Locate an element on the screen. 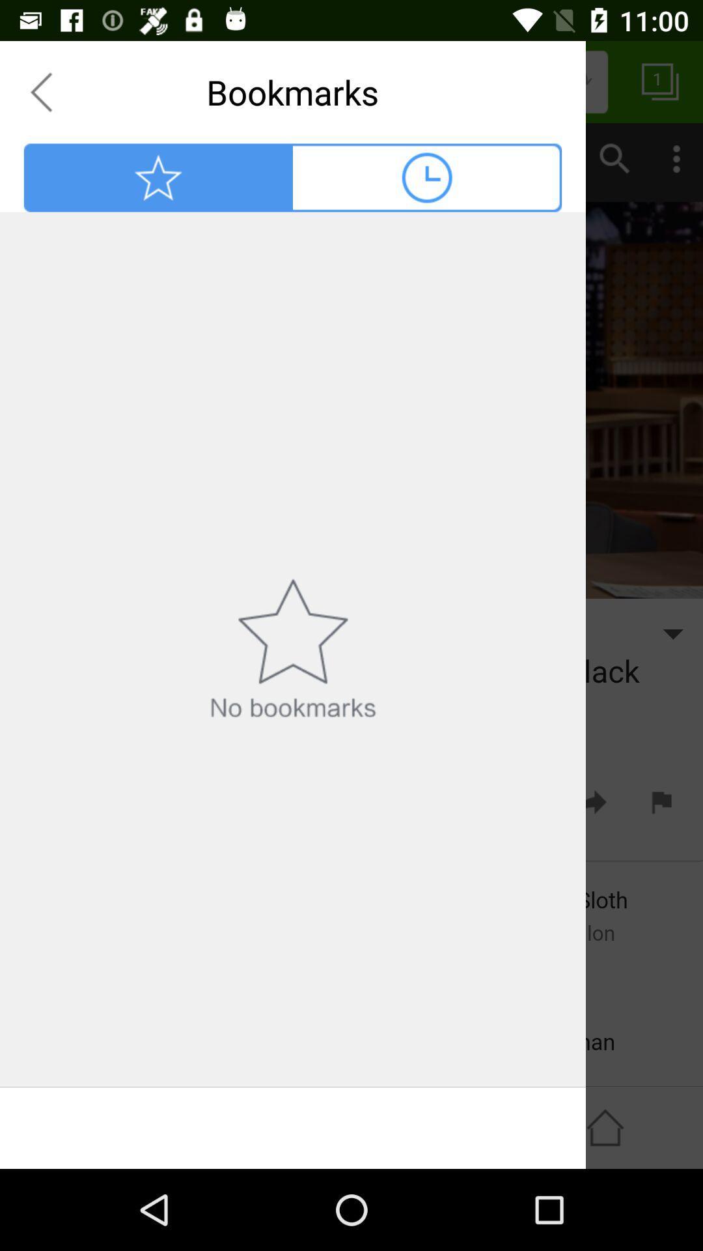  previous is located at coordinates (40, 91).